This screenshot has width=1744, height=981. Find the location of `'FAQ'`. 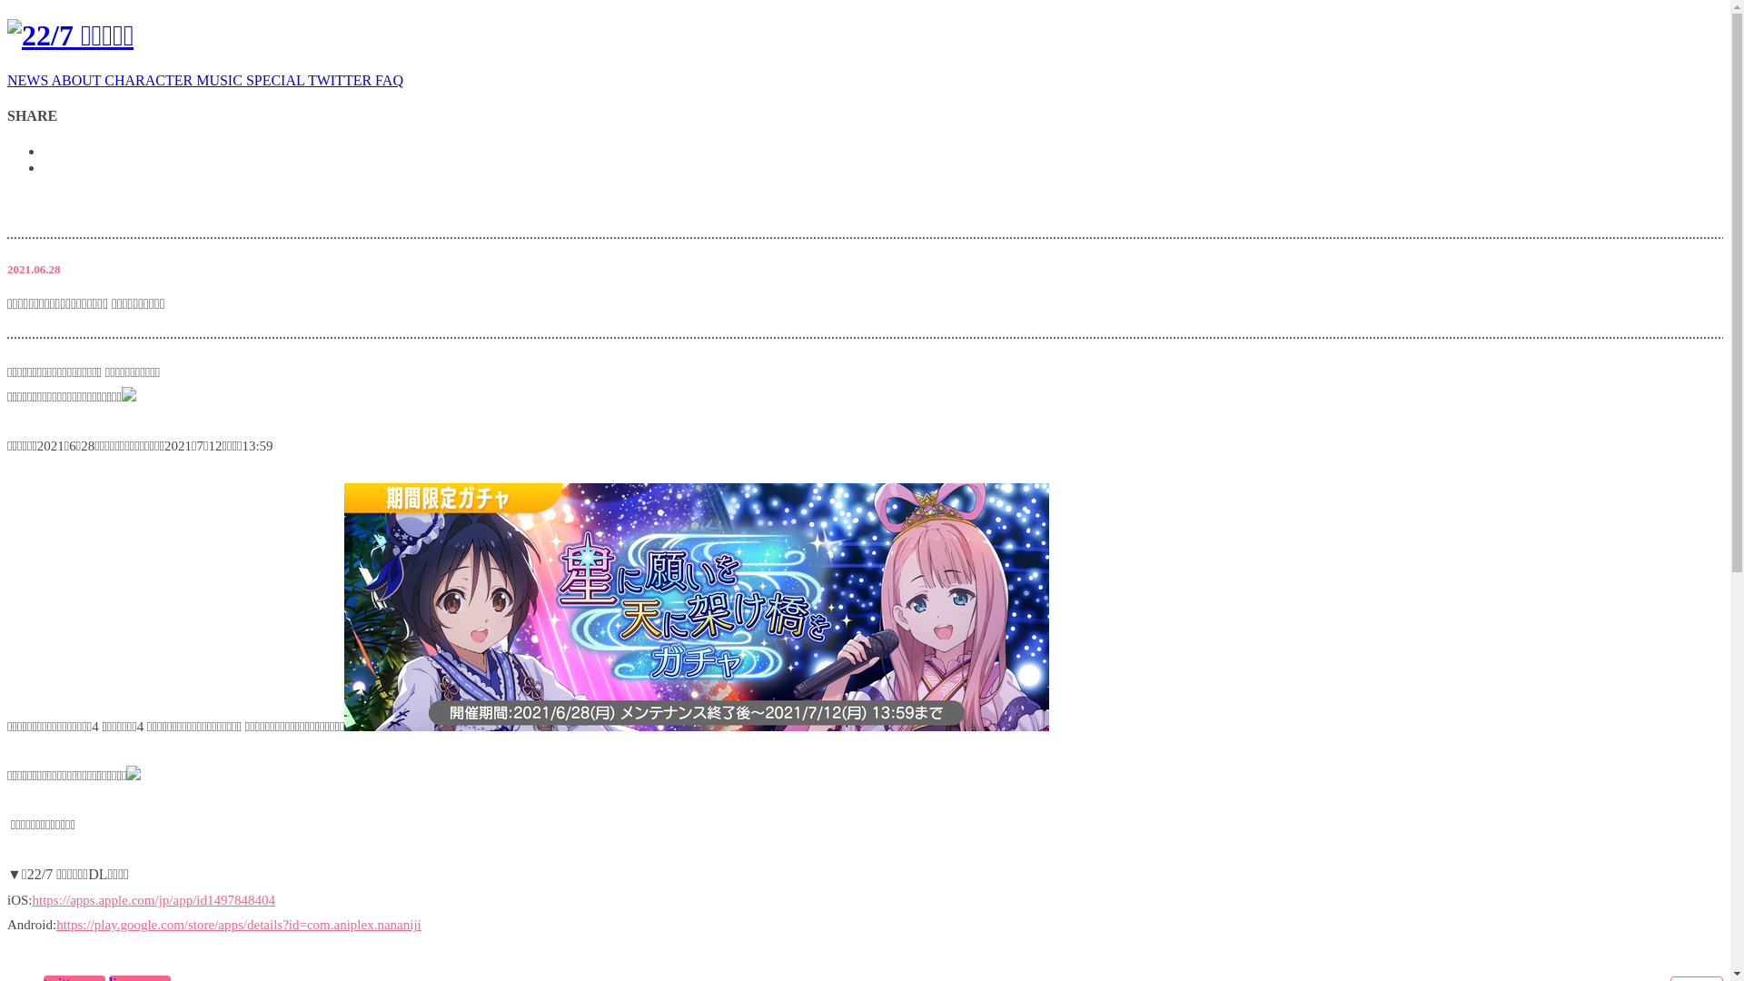

'FAQ' is located at coordinates (388, 79).